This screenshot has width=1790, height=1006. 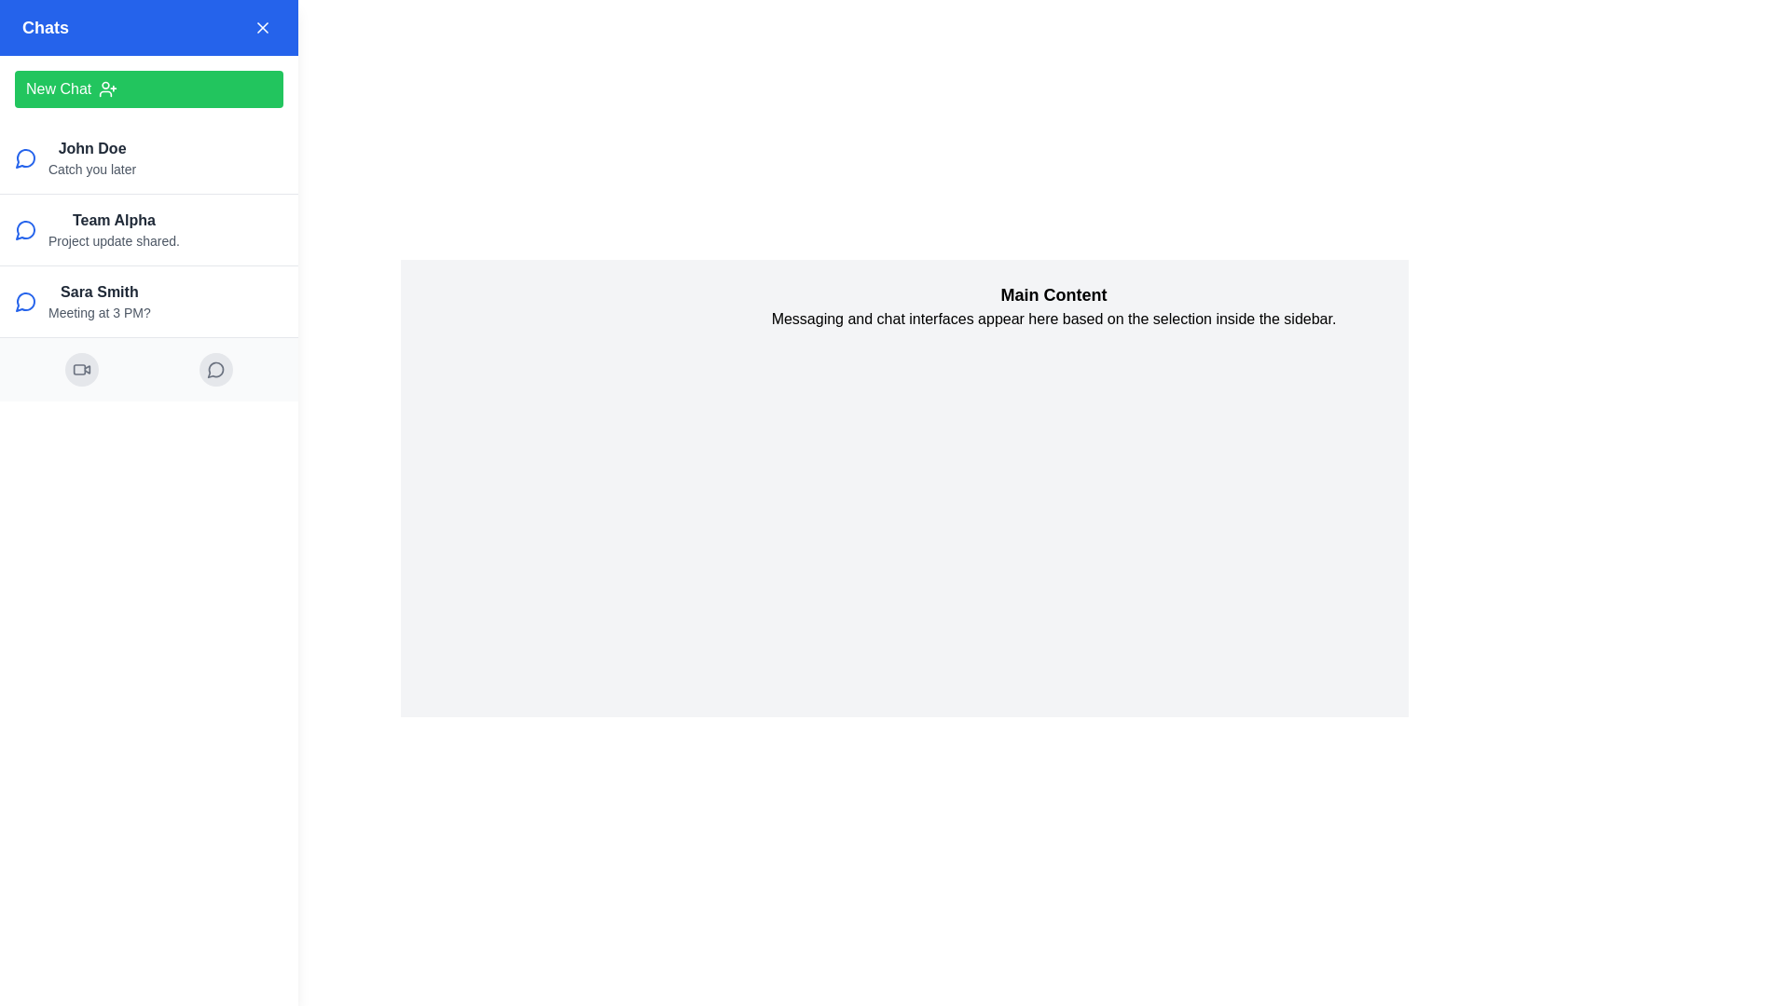 What do you see at coordinates (147, 228) in the screenshot?
I see `the 'Team Alpha' chat item` at bounding box center [147, 228].